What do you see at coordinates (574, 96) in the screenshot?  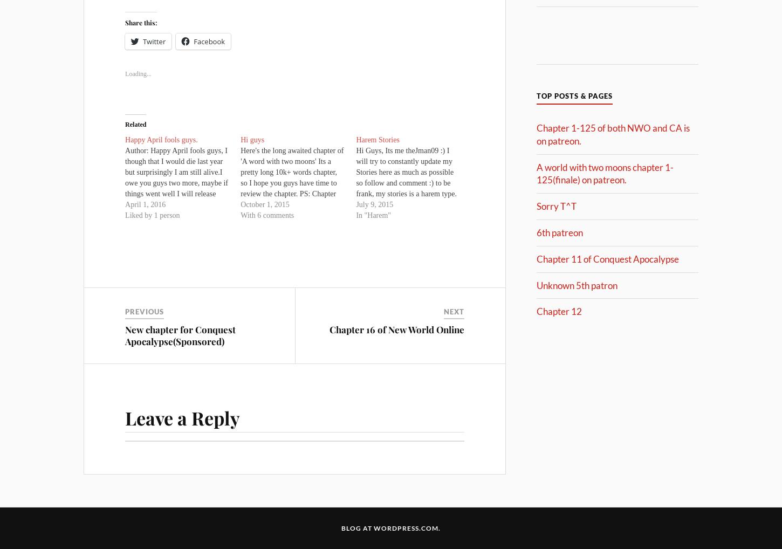 I see `'Top Posts & Pages'` at bounding box center [574, 96].